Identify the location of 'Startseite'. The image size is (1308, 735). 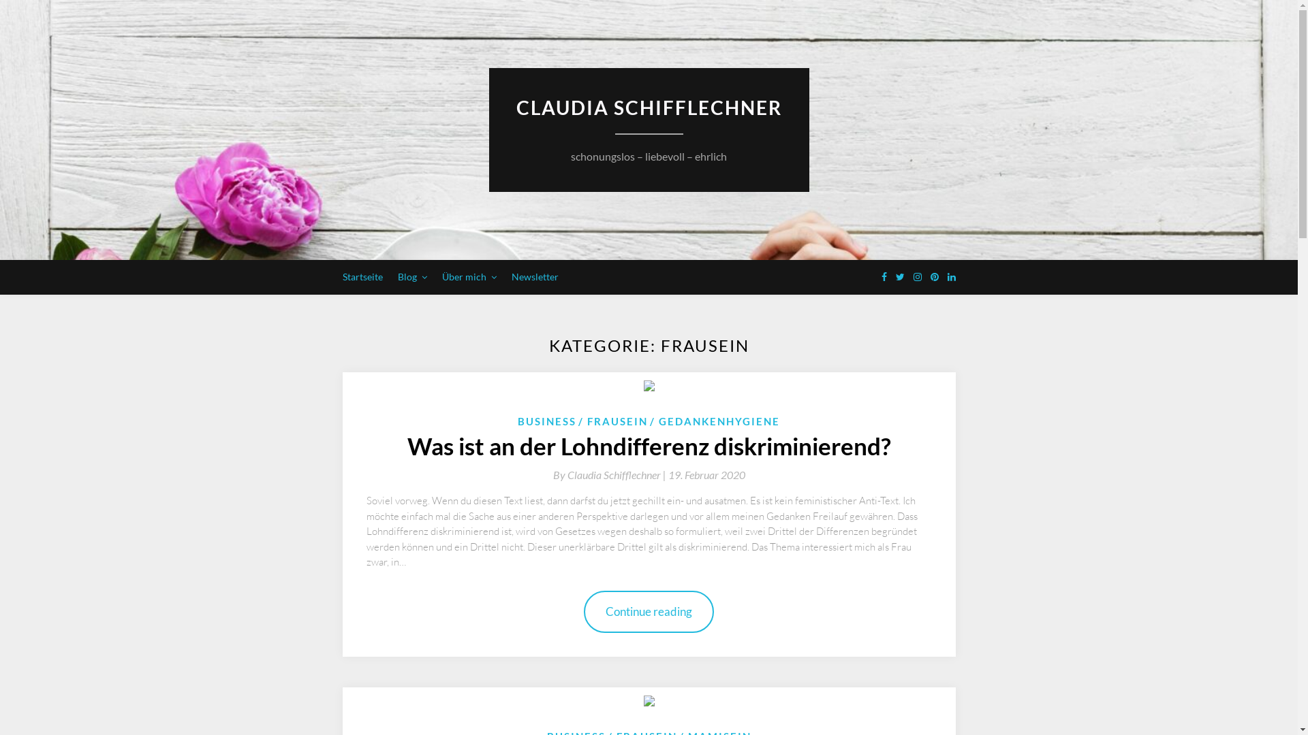
(342, 276).